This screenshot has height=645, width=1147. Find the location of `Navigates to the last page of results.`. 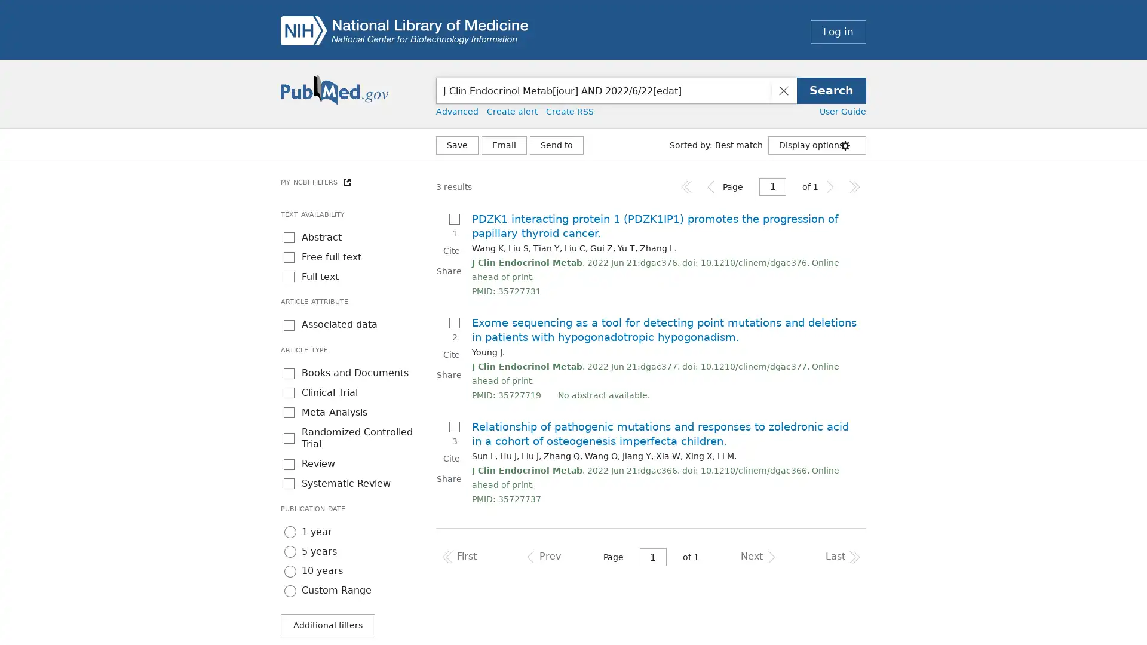

Navigates to the last page of results. is located at coordinates (841, 557).